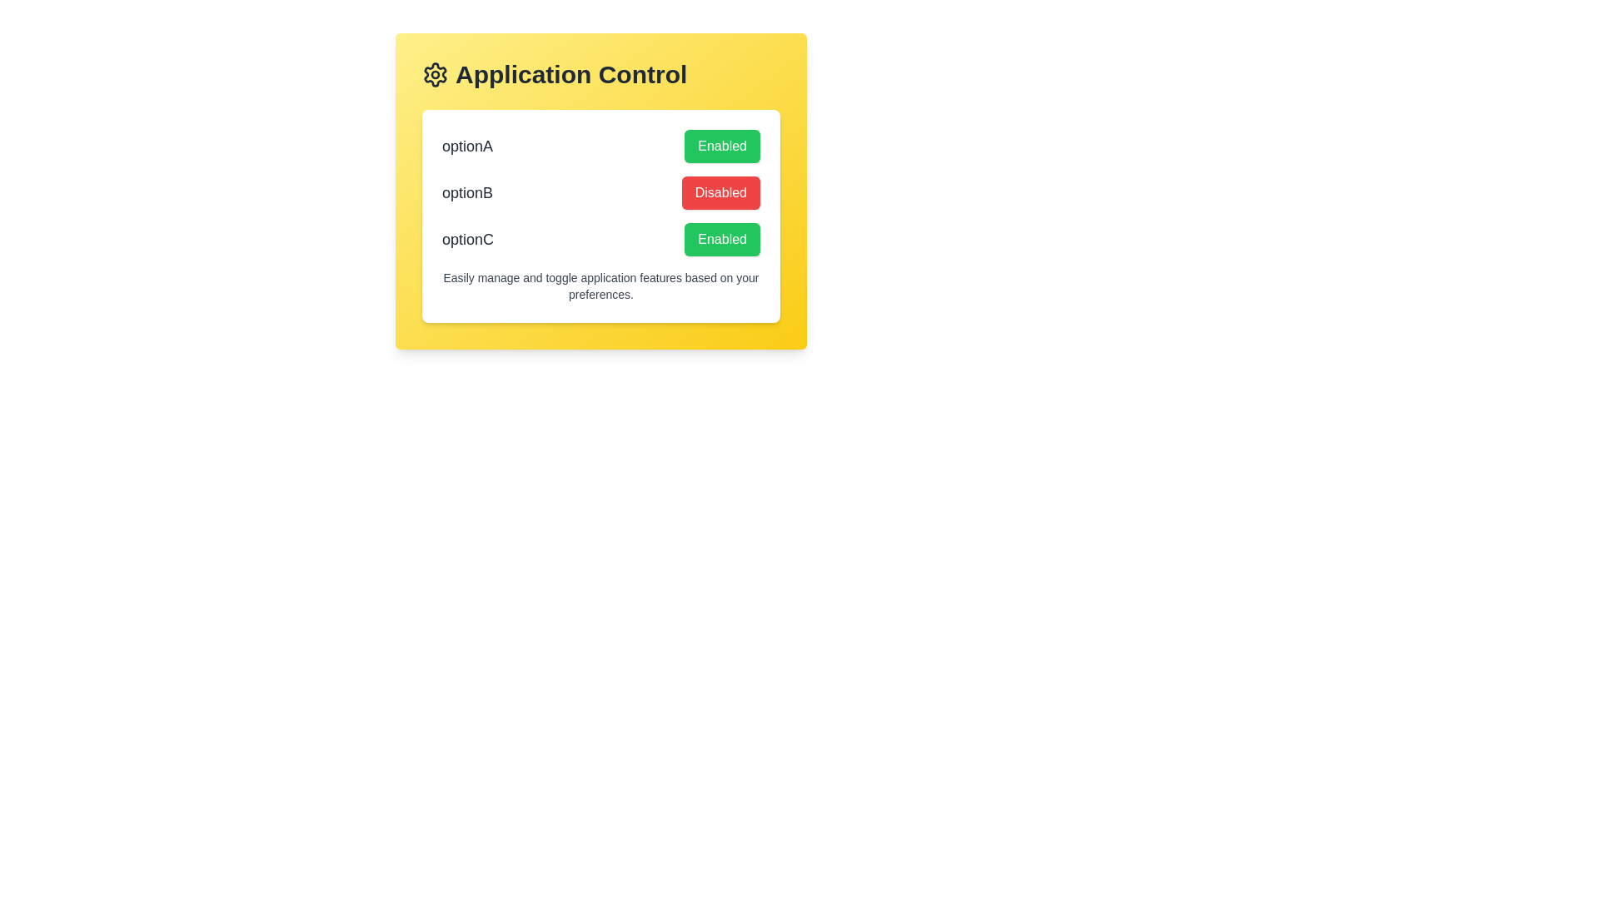 The width and height of the screenshot is (1599, 899). What do you see at coordinates (600, 73) in the screenshot?
I see `the 'Application Control' heading text which features bold, large grayish black text and is accompanied by a settings gear icon, located at the top left of a yellow gradient background` at bounding box center [600, 73].